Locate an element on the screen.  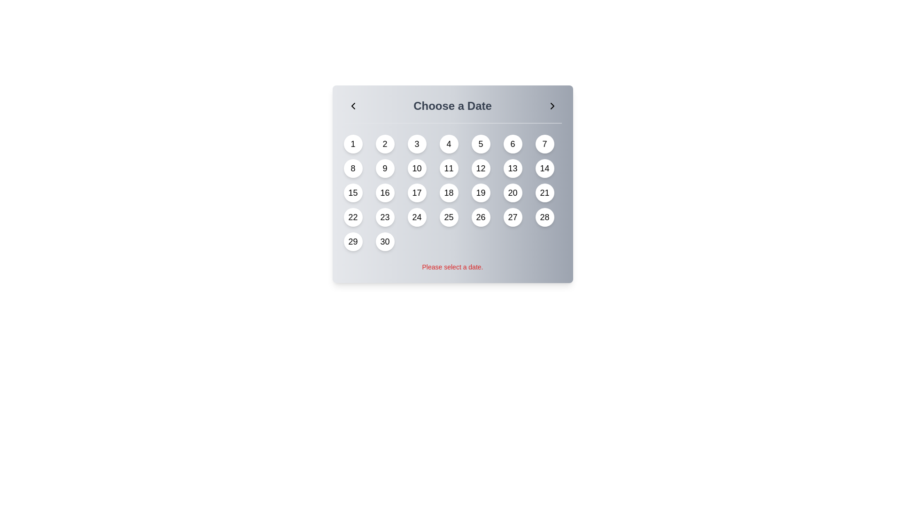
the circular button displaying the number '23' is located at coordinates (385, 217).